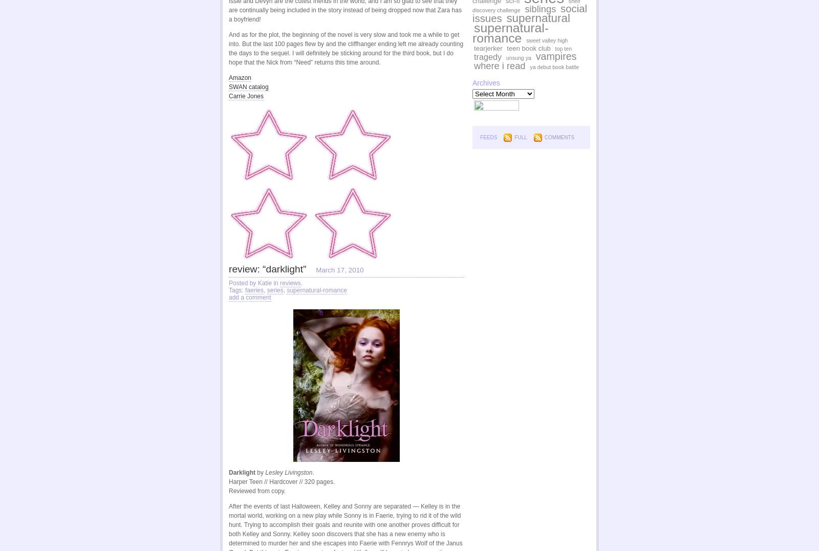  Describe the element at coordinates (274, 290) in the screenshot. I see `'series'` at that location.